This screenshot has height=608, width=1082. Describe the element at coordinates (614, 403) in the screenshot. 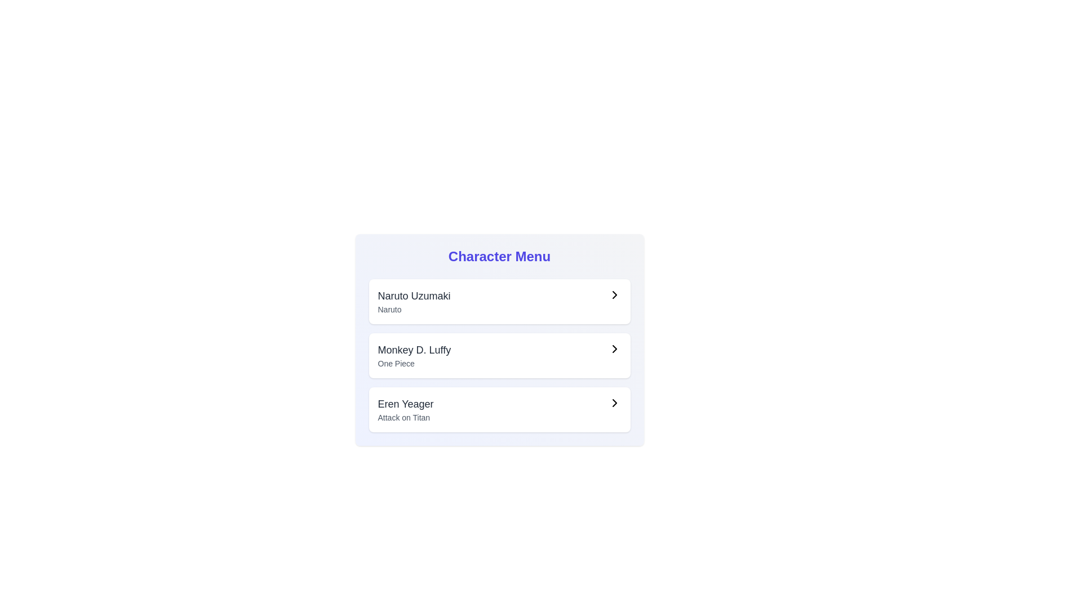

I see `the chevron icon located to the far right of the last list item in the 'Character Menu', associated with 'Eren Yeager' and 'Attack on Titan'` at that location.